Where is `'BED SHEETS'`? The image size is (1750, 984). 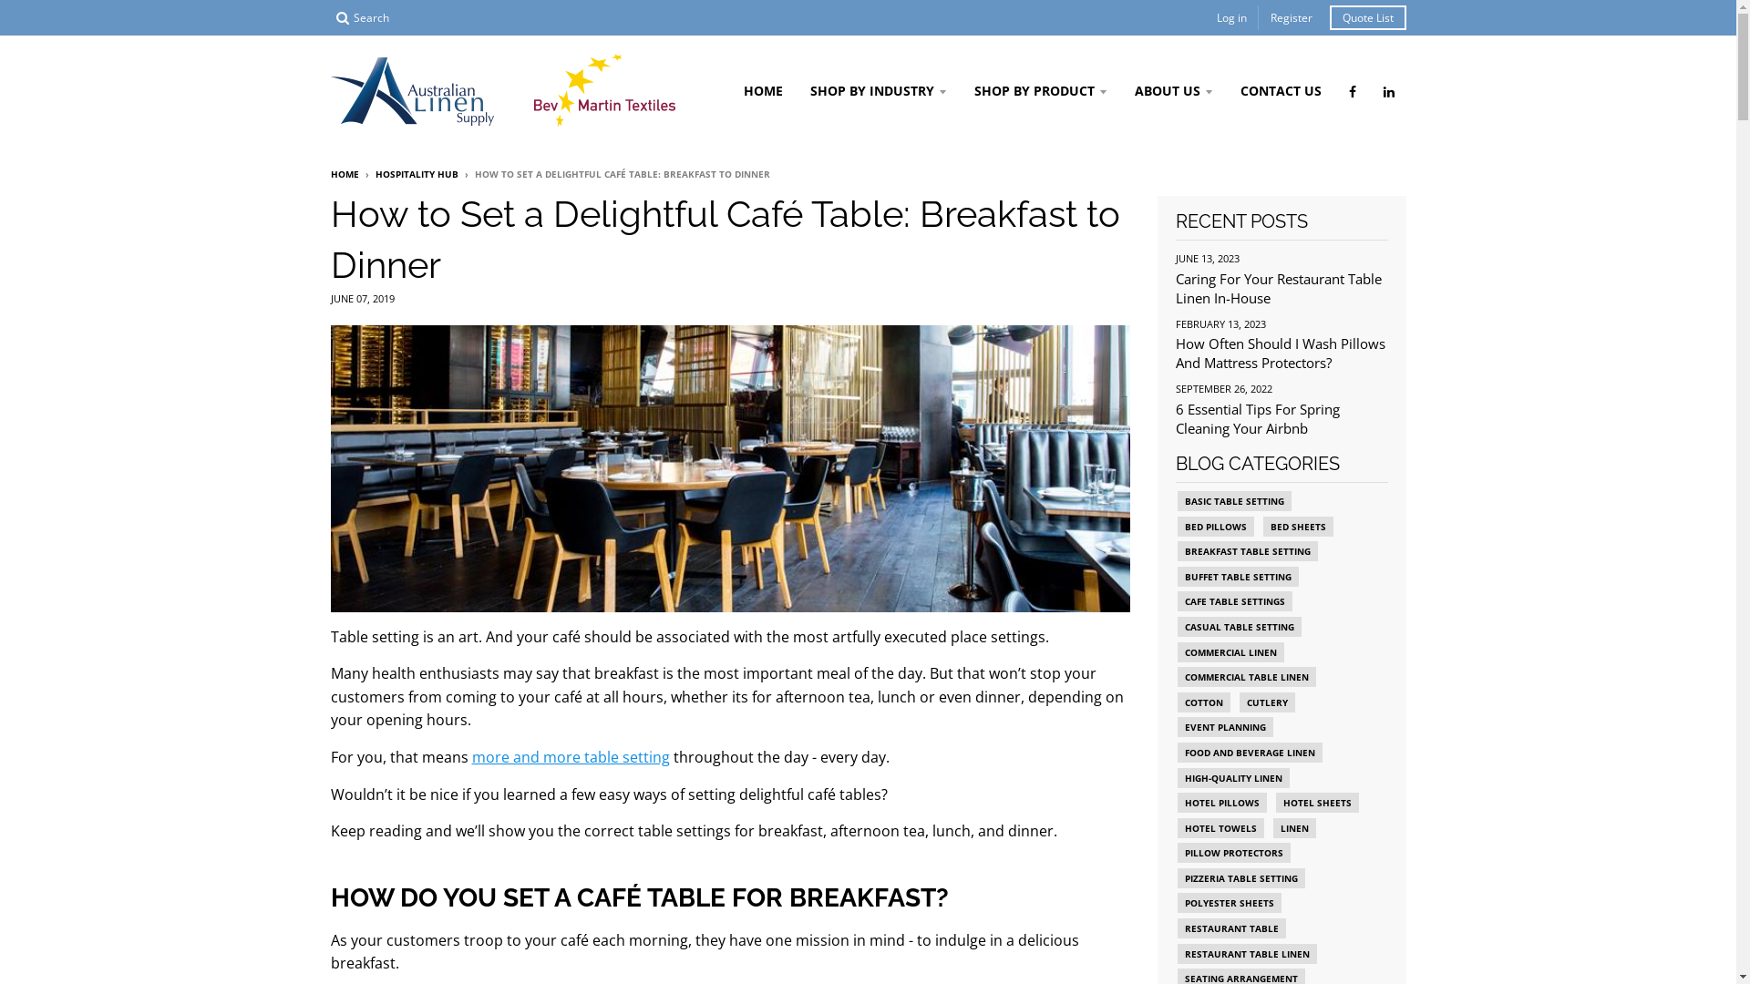 'BED SHEETS' is located at coordinates (1297, 527).